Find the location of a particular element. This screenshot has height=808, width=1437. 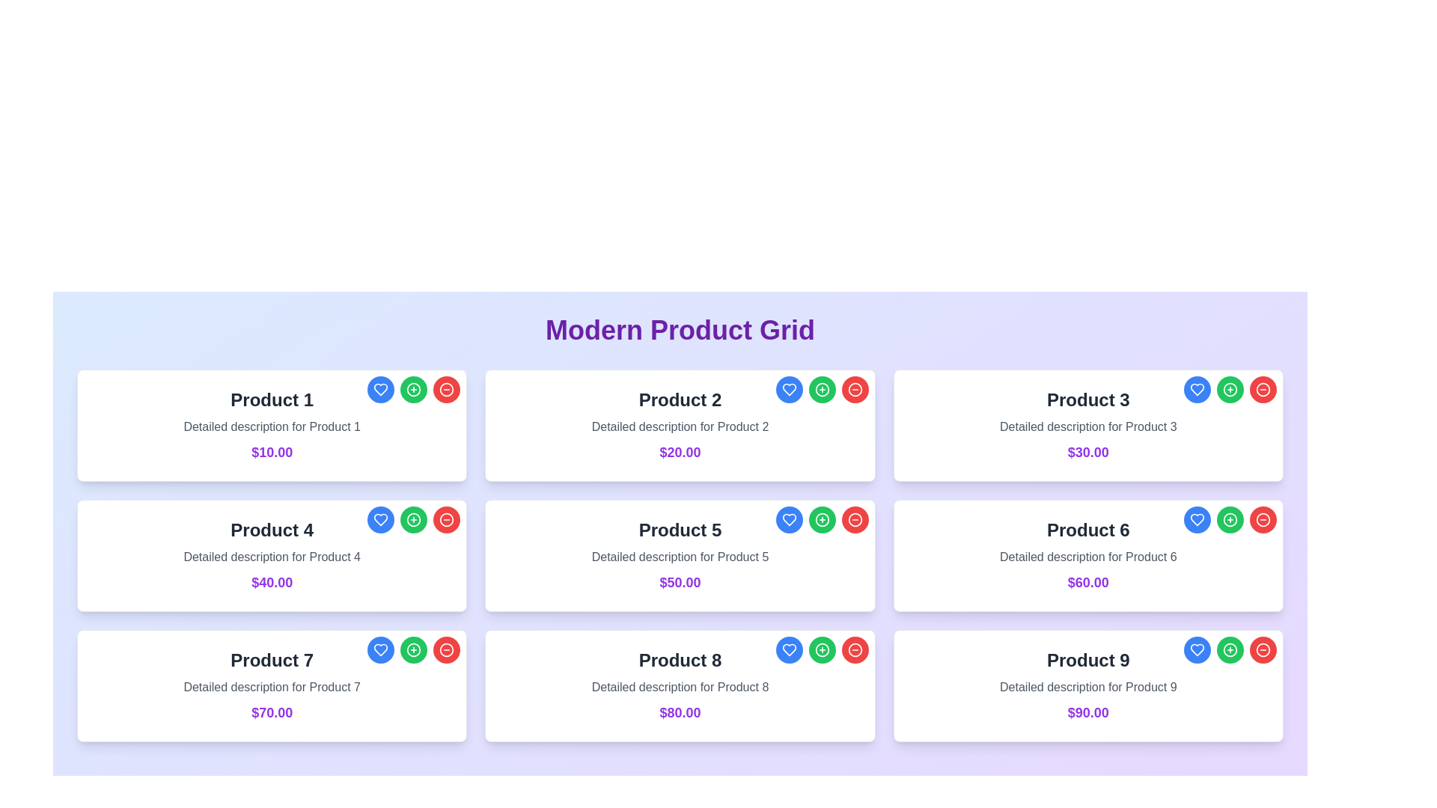

the product card displaying information about 'Product 4', located in the second row, first column of the grid layout is located at coordinates (272, 556).